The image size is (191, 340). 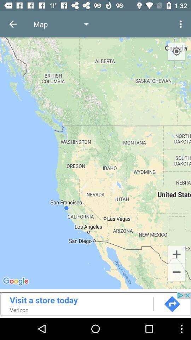 I want to click on open advertisement, so click(x=95, y=303).